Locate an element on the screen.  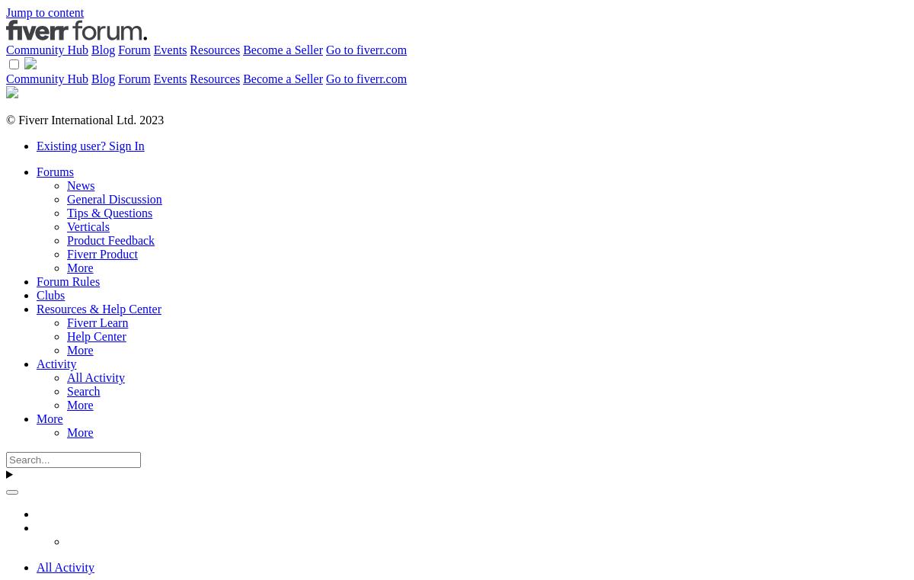
'Albums' is located at coordinates (71, 562).